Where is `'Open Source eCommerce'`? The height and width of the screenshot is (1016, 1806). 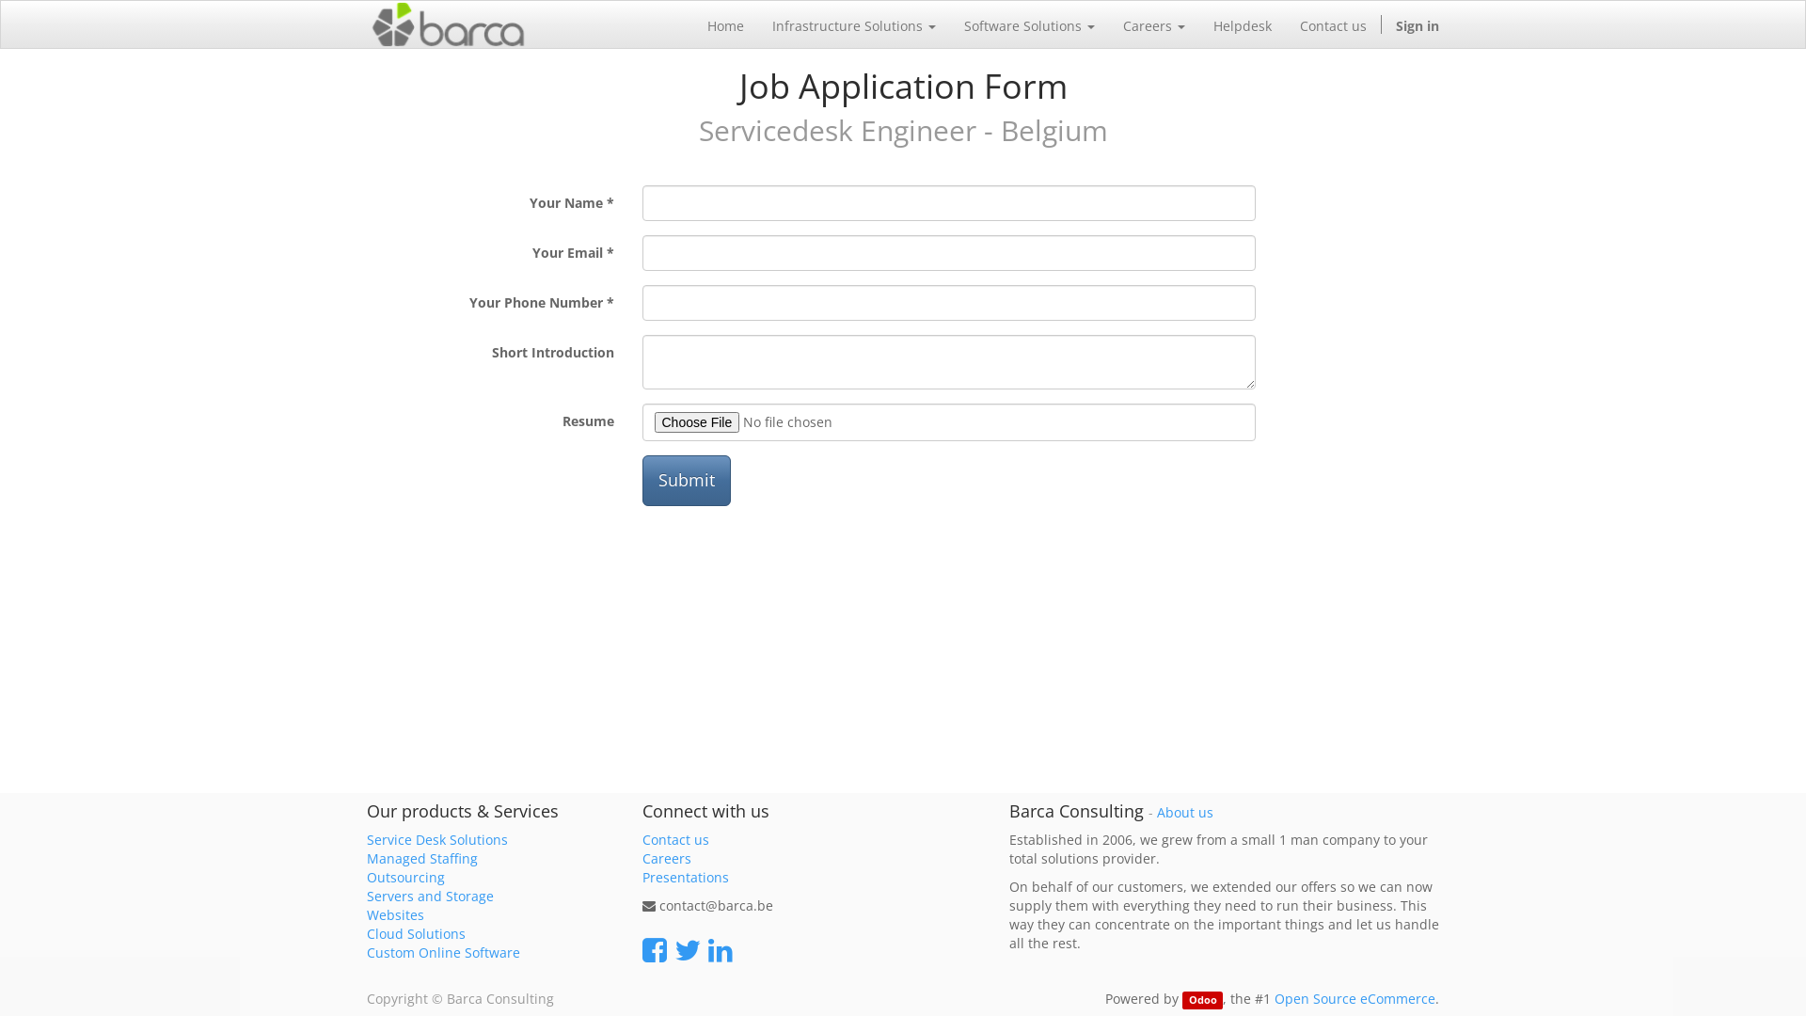
'Open Source eCommerce' is located at coordinates (1354, 997).